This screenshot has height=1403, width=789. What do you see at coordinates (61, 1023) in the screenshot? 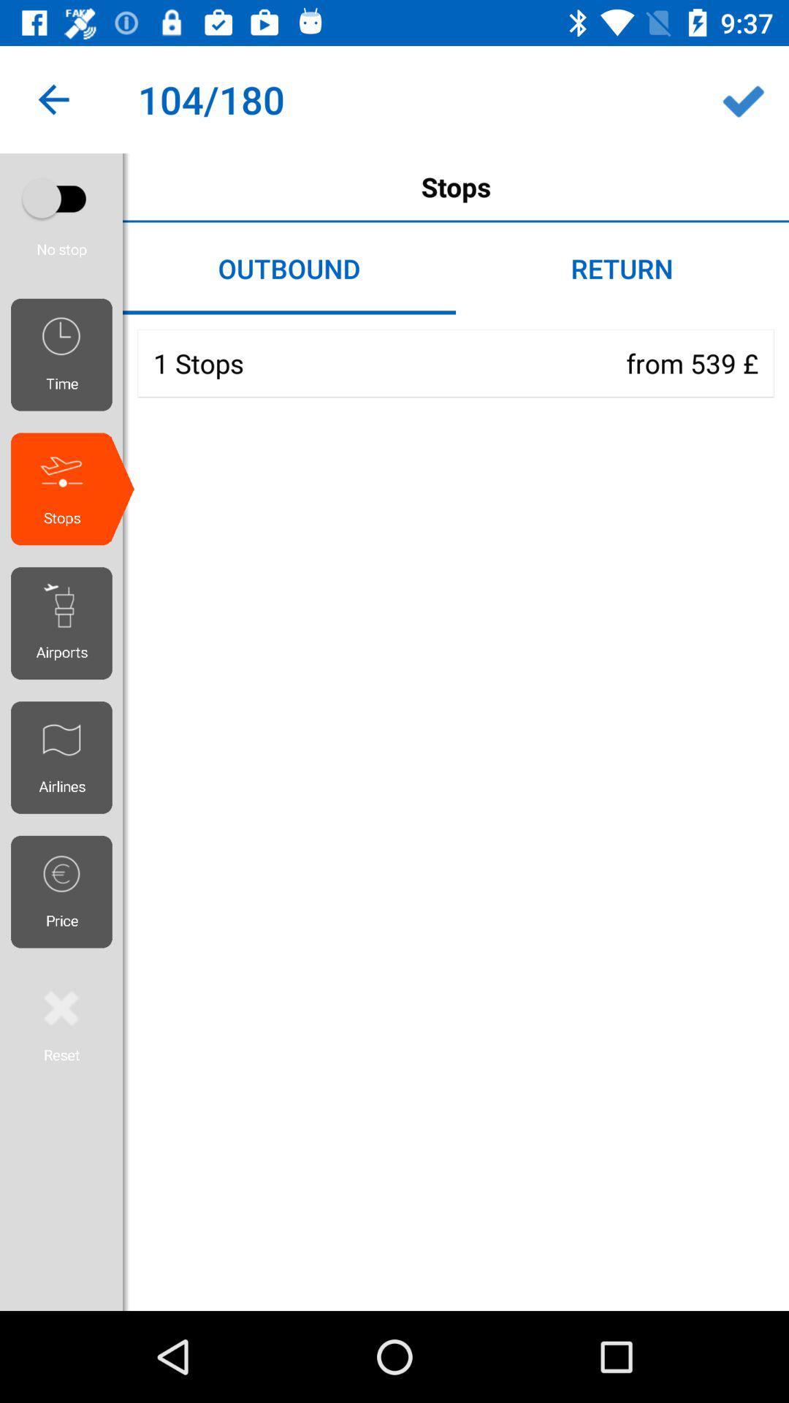
I see `cancel` at bounding box center [61, 1023].